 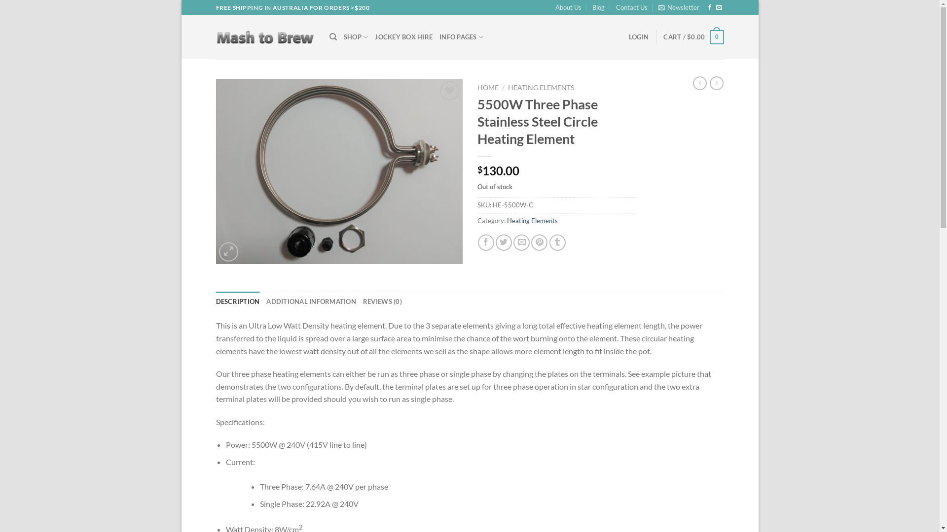 I want to click on 'DESCRIPTION', so click(x=238, y=301).